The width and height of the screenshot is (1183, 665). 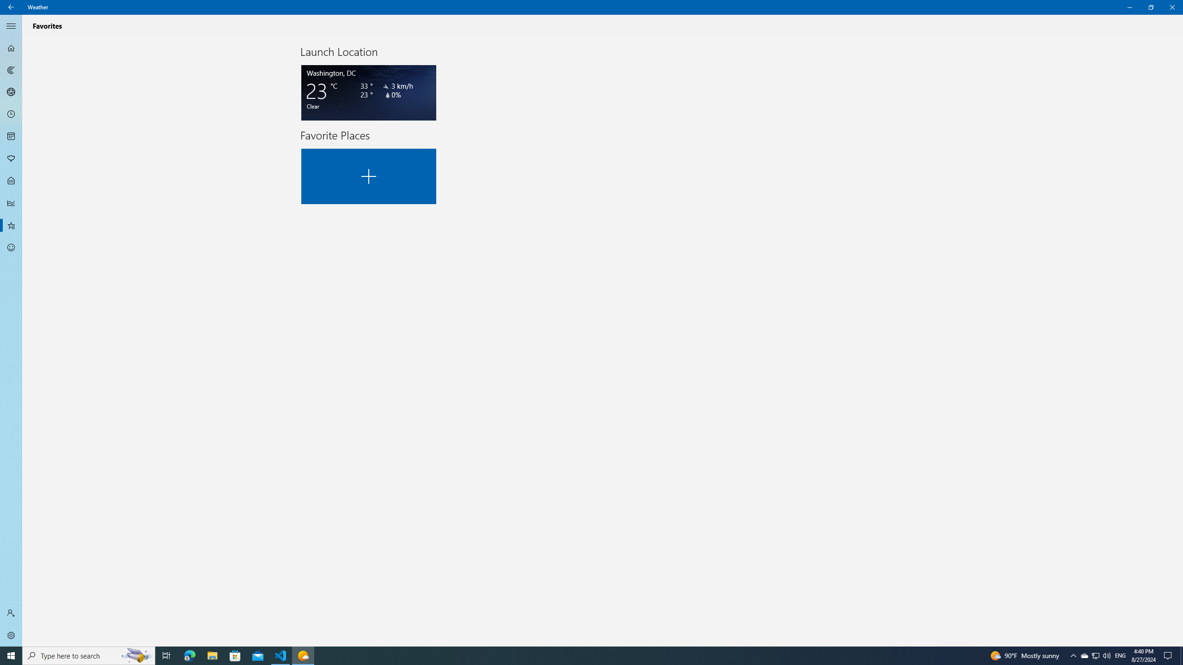 What do you see at coordinates (1120, 655) in the screenshot?
I see `'Tray Input Indicator - English (United States)'` at bounding box center [1120, 655].